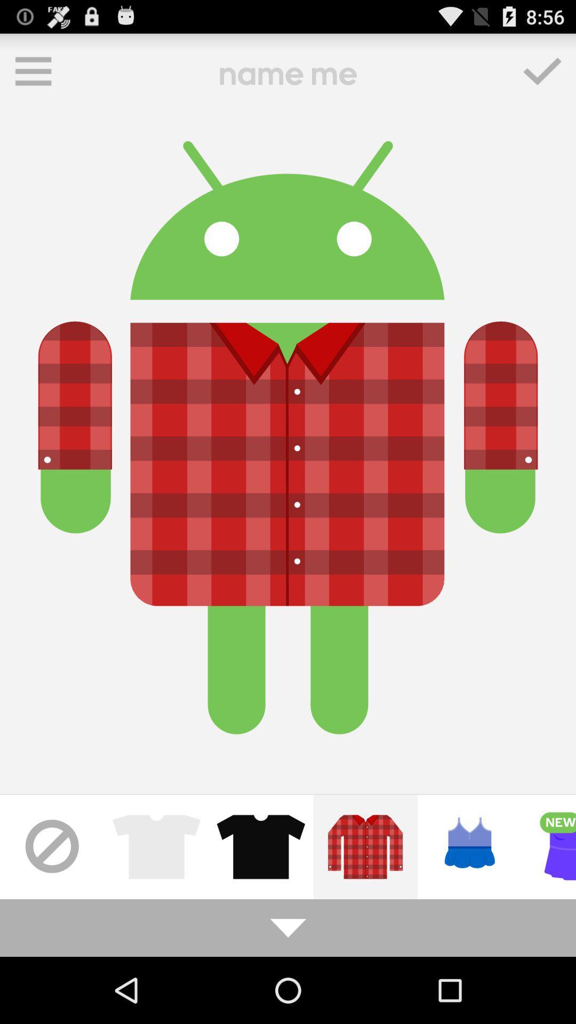  What do you see at coordinates (542, 76) in the screenshot?
I see `the check icon` at bounding box center [542, 76].